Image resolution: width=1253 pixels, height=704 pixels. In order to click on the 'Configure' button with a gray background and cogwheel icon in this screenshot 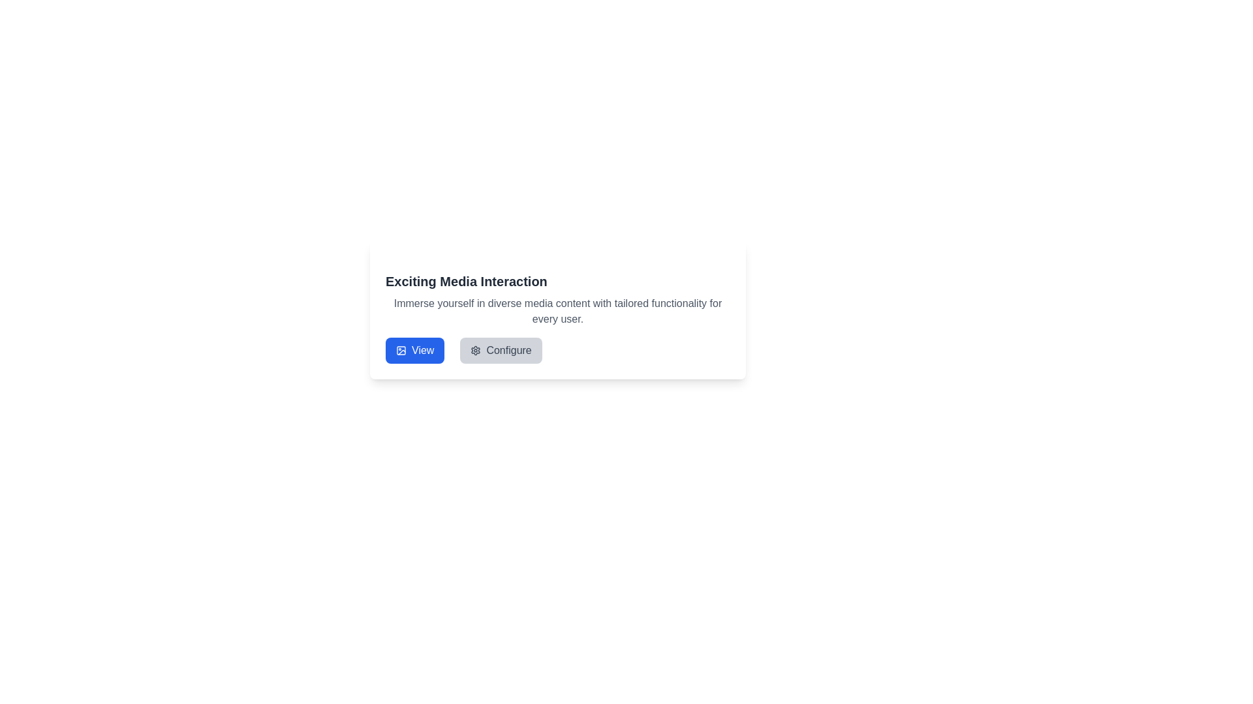, I will do `click(501, 349)`.